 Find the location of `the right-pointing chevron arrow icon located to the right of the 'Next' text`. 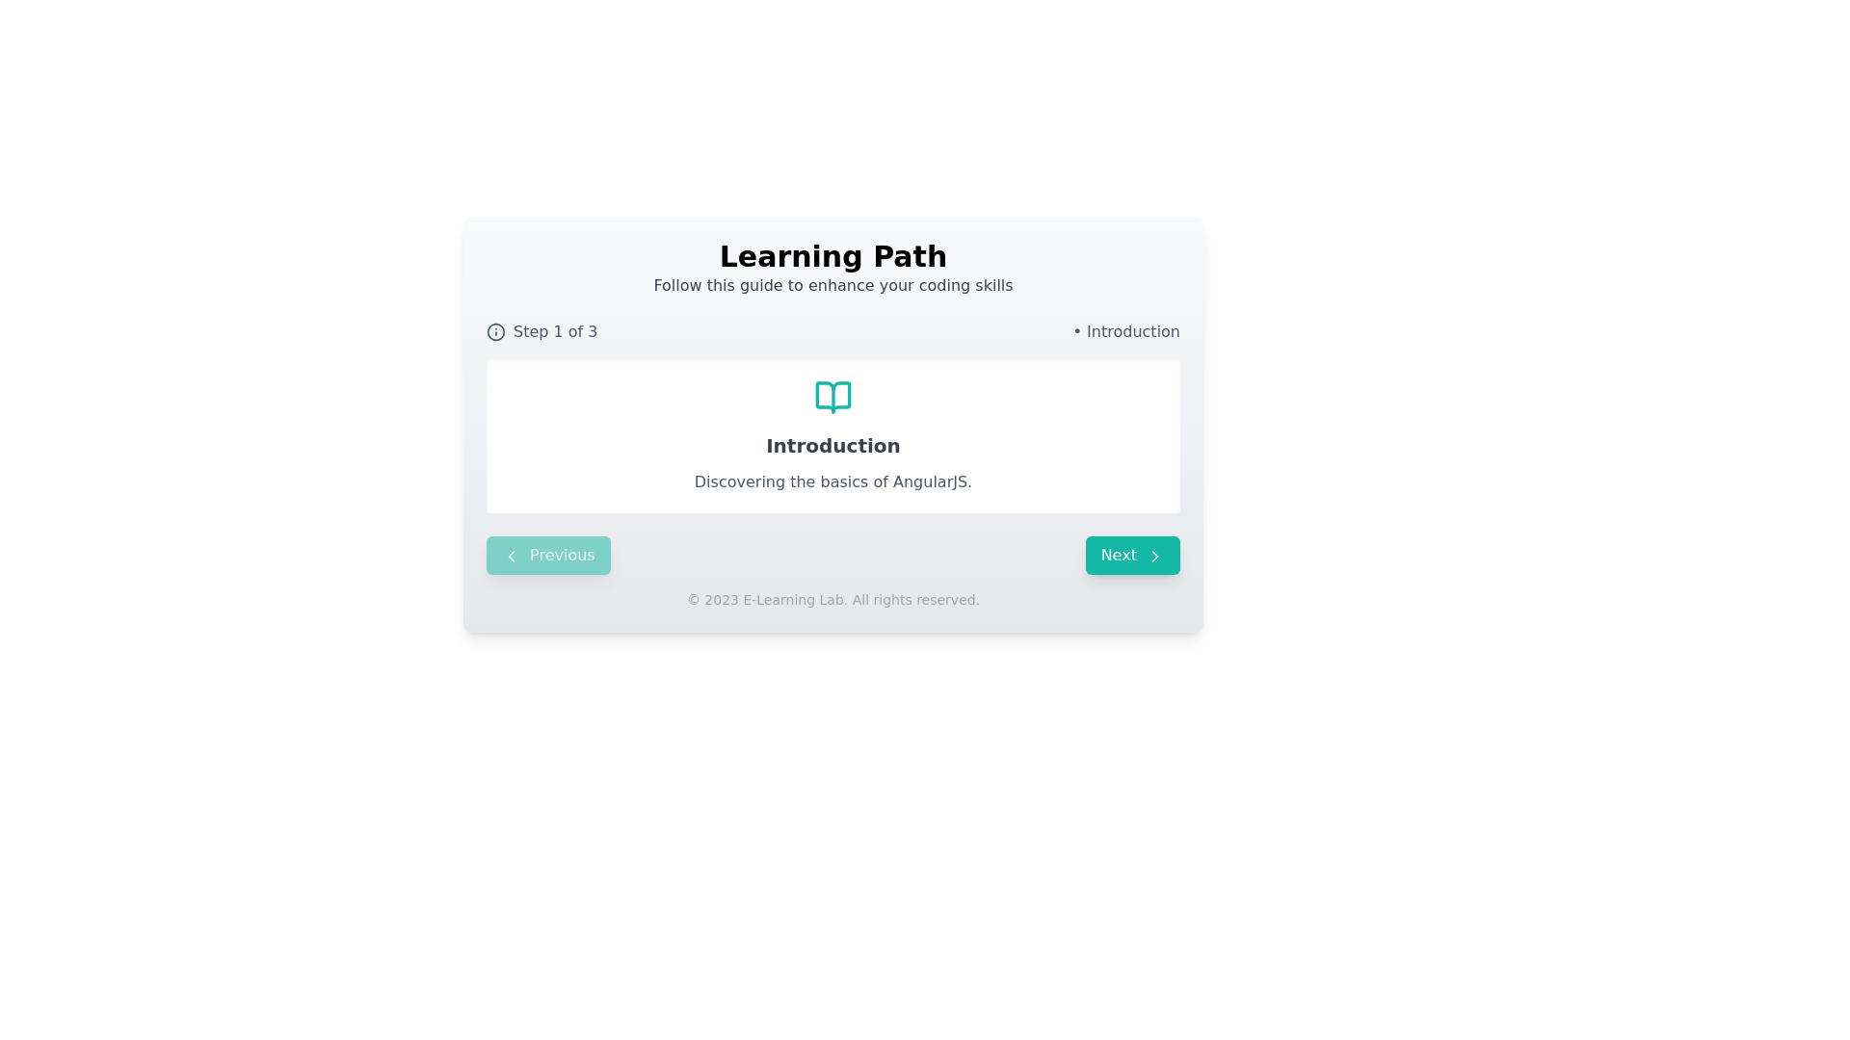

the right-pointing chevron arrow icon located to the right of the 'Next' text is located at coordinates (1155, 556).